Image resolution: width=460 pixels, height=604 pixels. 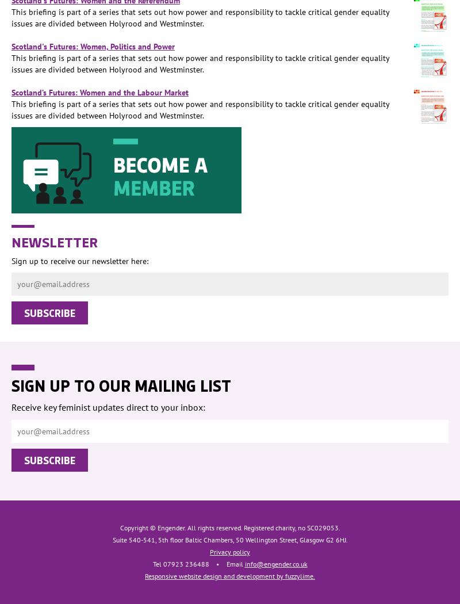 I want to click on 'info@engender.co.uk', so click(x=275, y=564).